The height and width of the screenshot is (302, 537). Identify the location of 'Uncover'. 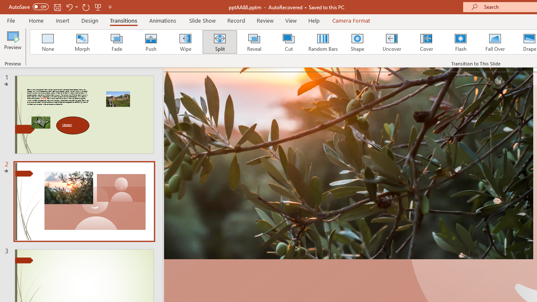
(391, 42).